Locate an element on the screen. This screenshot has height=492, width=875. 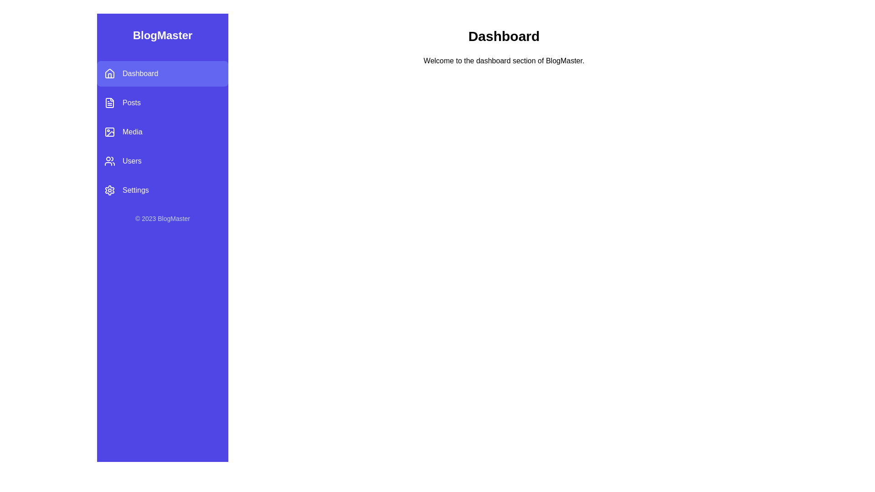
the 'Posts' navigation button is located at coordinates (162, 102).